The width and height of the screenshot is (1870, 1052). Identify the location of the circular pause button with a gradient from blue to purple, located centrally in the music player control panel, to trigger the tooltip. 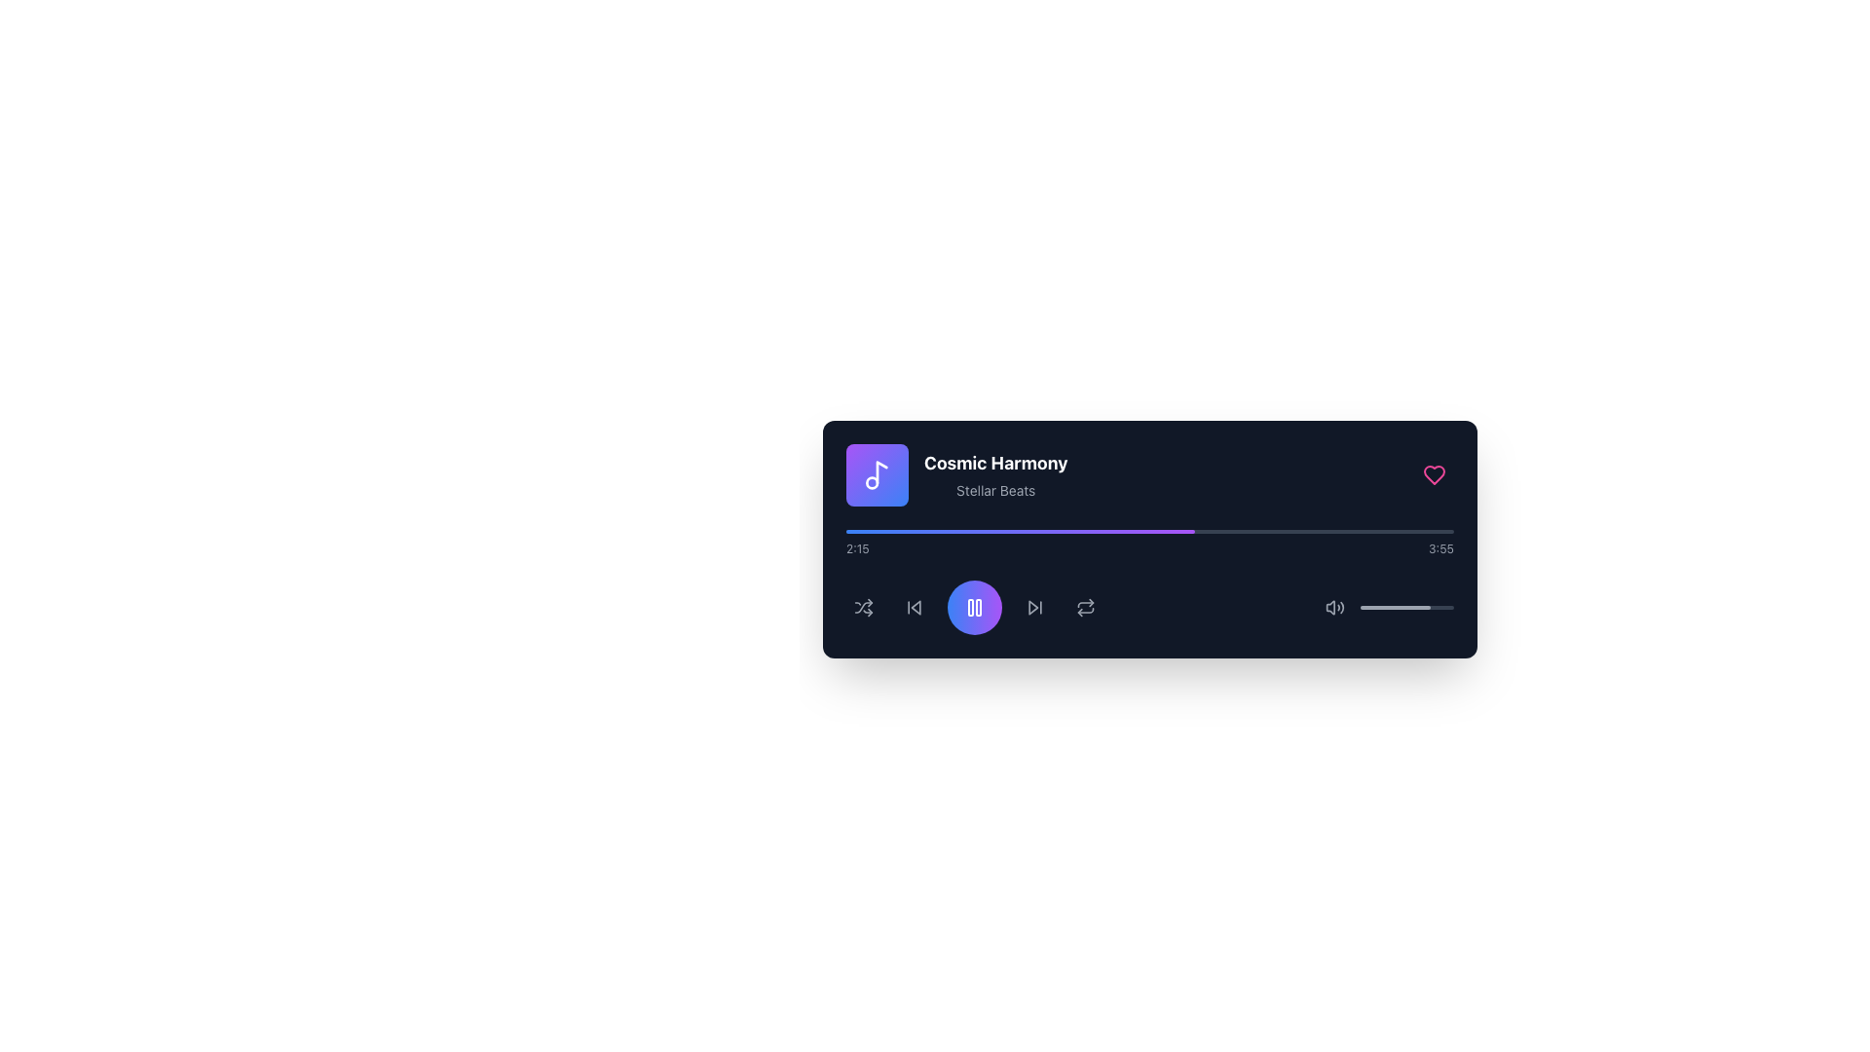
(975, 607).